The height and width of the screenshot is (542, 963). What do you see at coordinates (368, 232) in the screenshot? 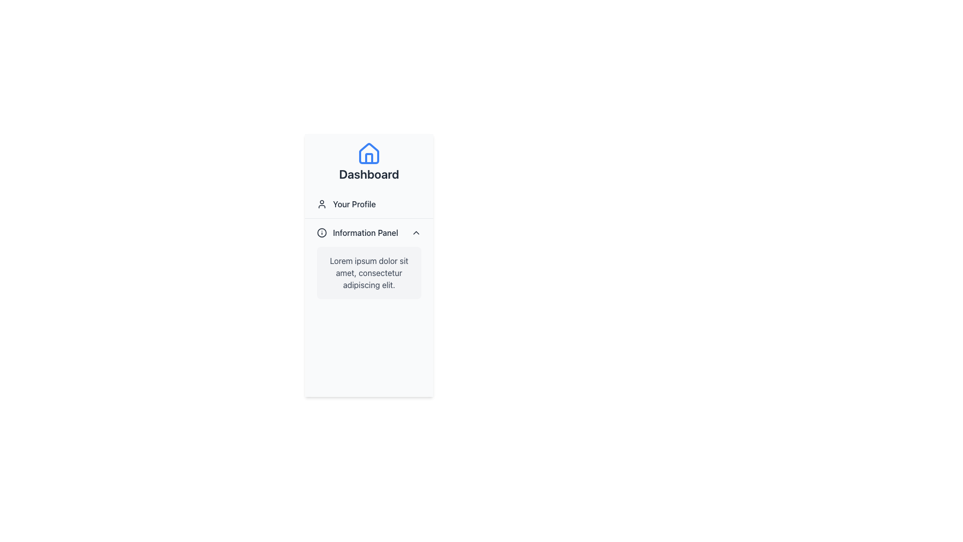
I see `the Collapsible Header or Toggle` at bounding box center [368, 232].